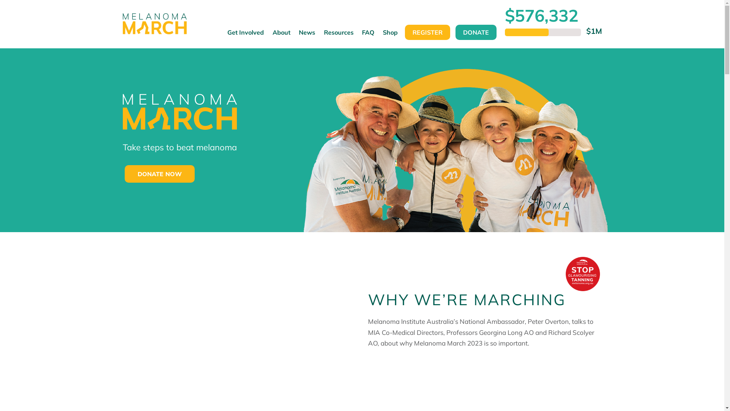 Image resolution: width=730 pixels, height=411 pixels. Describe the element at coordinates (427, 32) in the screenshot. I see `'REGISTER'` at that location.